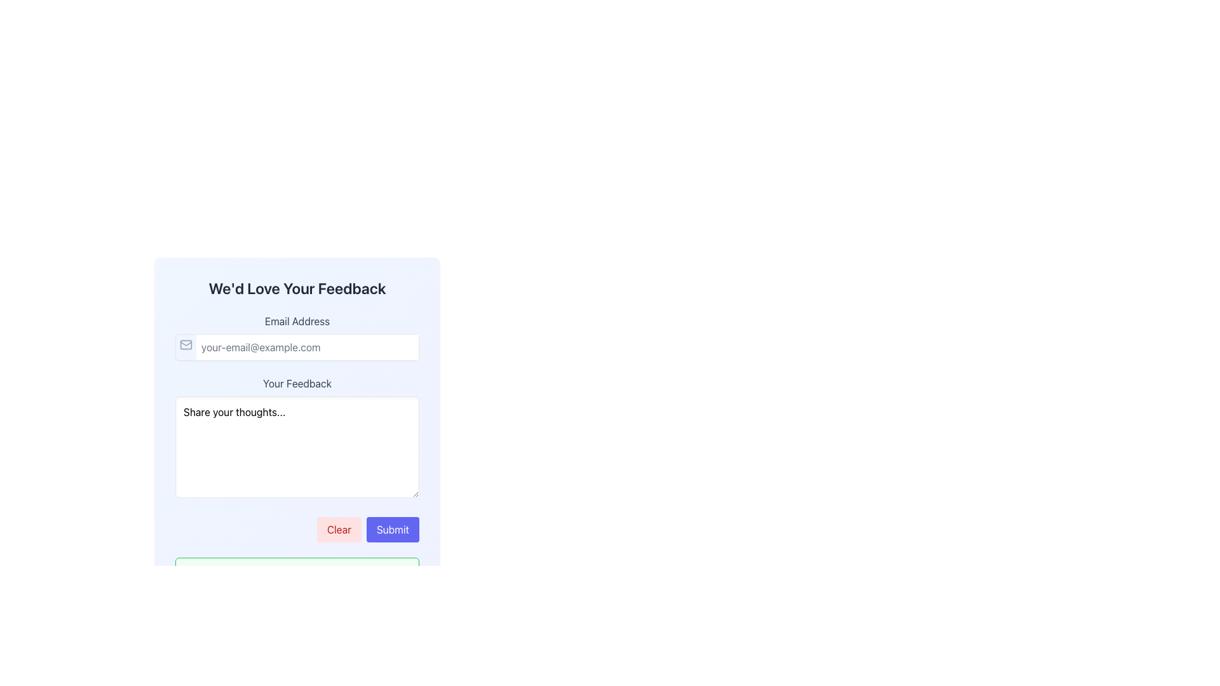 Image resolution: width=1220 pixels, height=686 pixels. Describe the element at coordinates (296, 383) in the screenshot. I see `the text label 'Your Feedback' which is styled with a gray font and positioned above the multiline text input field in the feedback form` at that location.